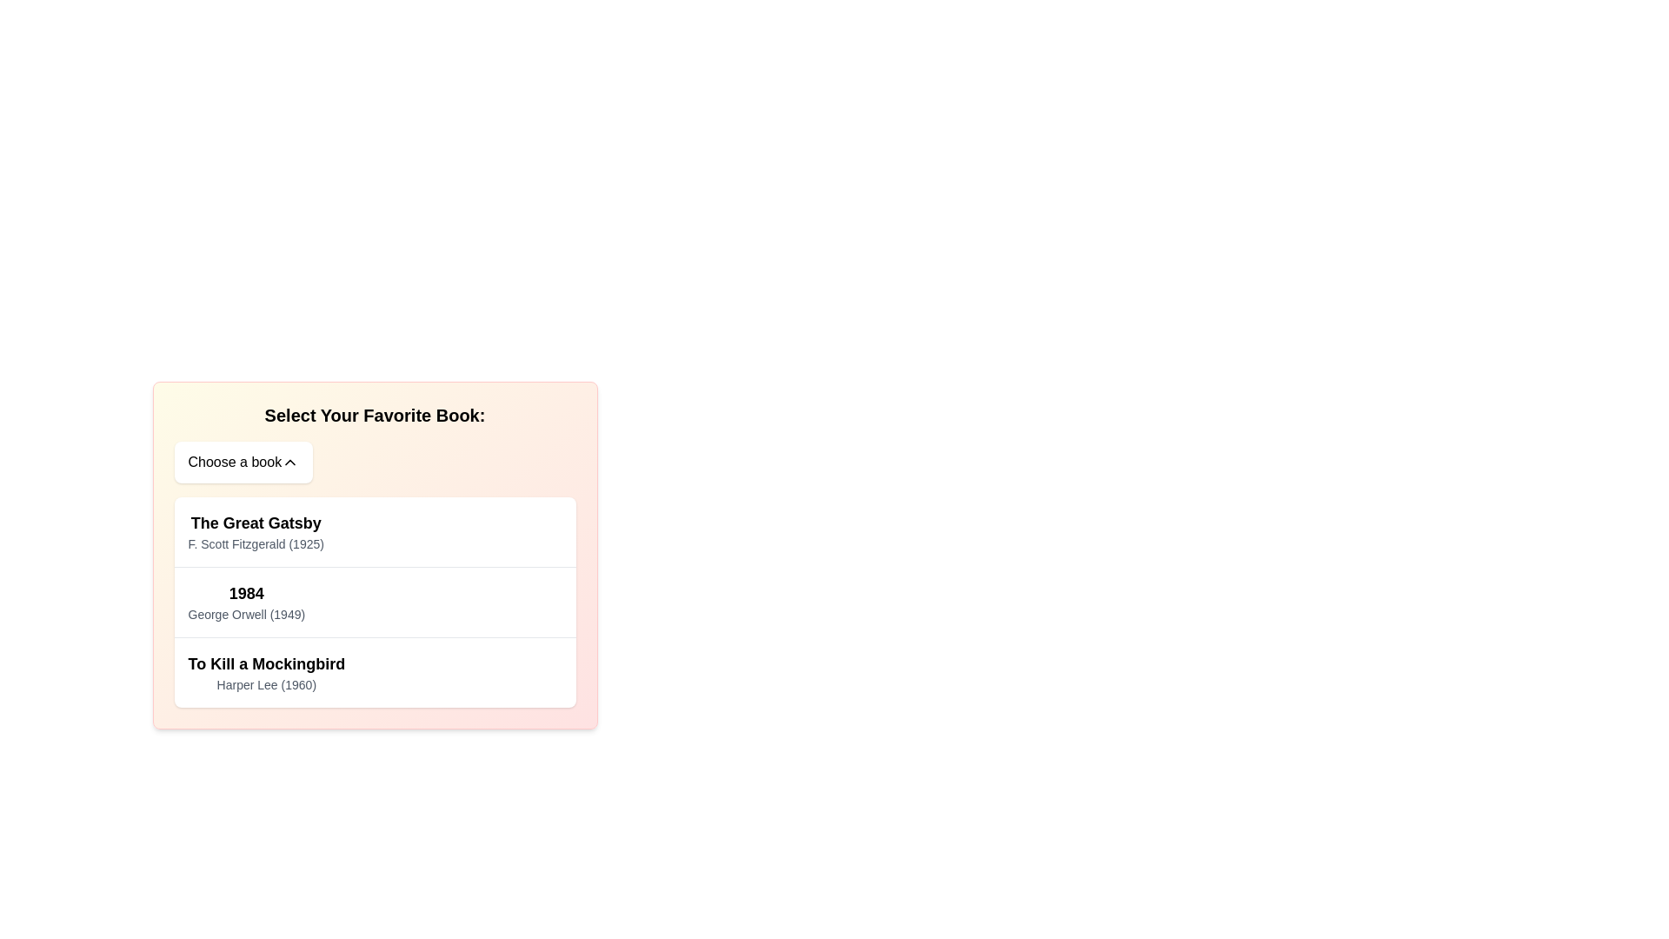 Image resolution: width=1669 pixels, height=939 pixels. I want to click on the first book item titled 'The Great Gatsby' in the list, which is part of a gradient background list item that prompts the user, so click(374, 556).